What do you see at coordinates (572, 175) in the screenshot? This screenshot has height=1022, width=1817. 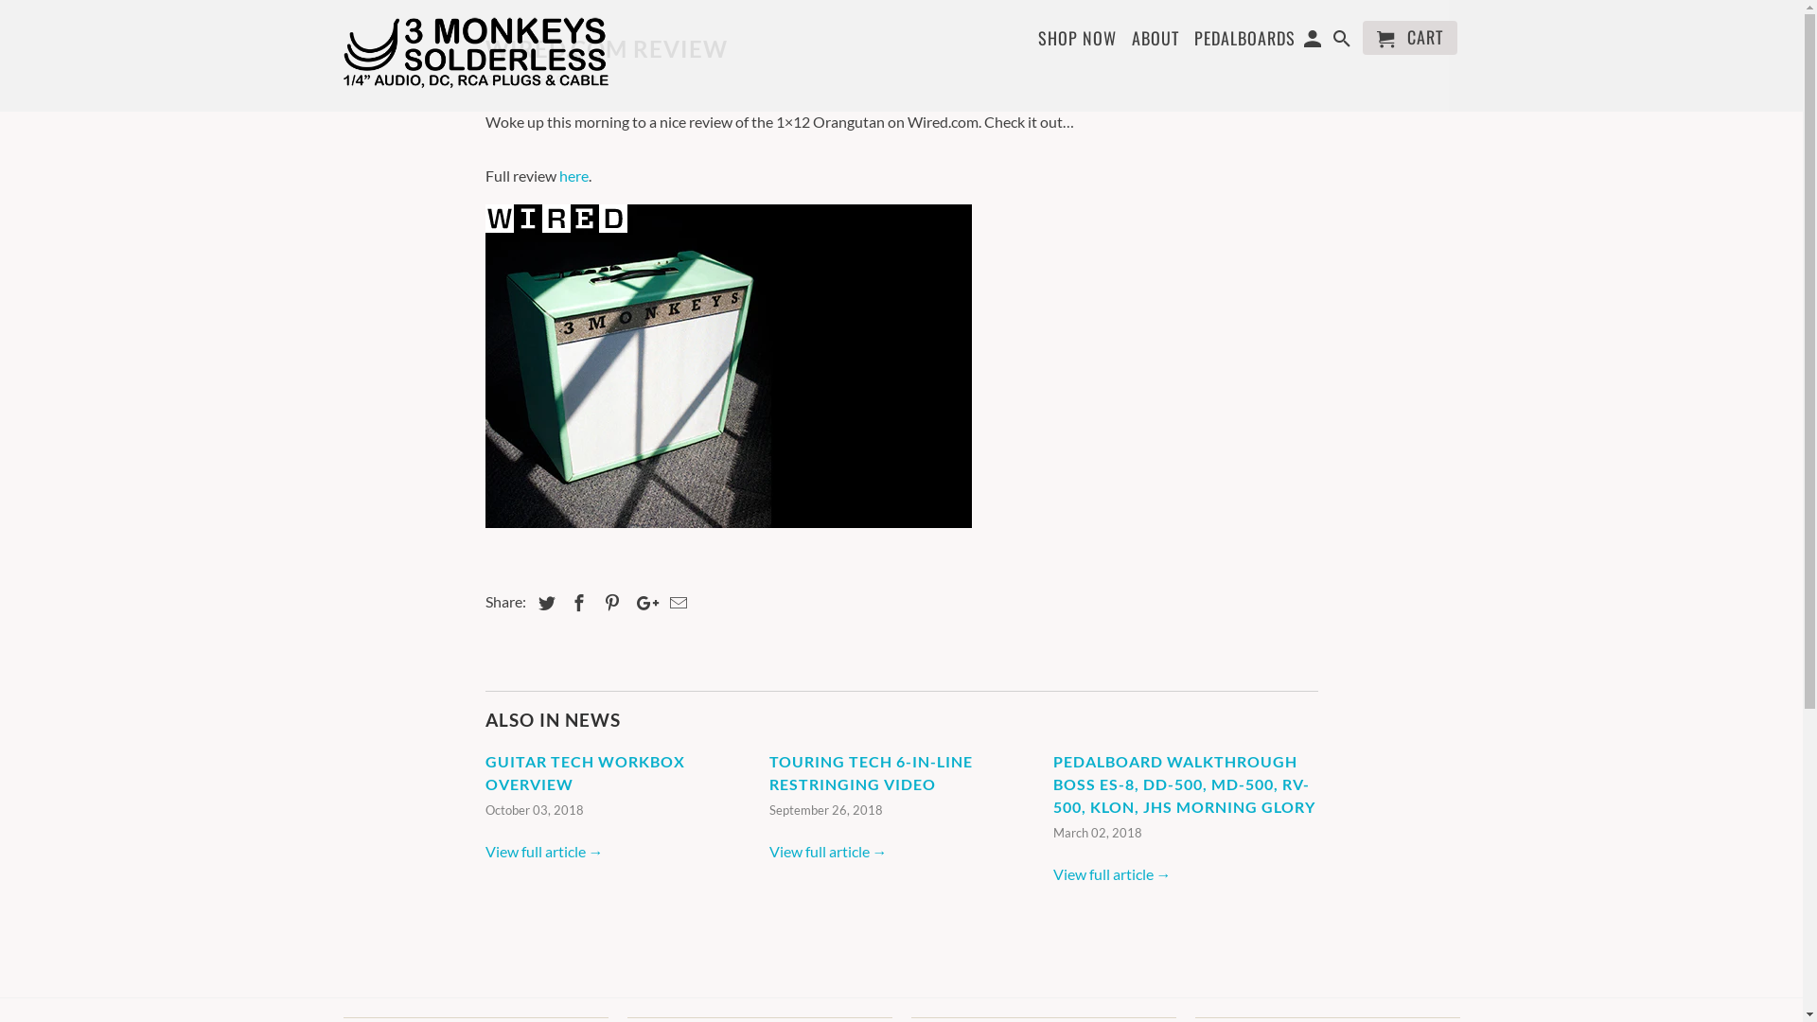 I see `'here'` at bounding box center [572, 175].